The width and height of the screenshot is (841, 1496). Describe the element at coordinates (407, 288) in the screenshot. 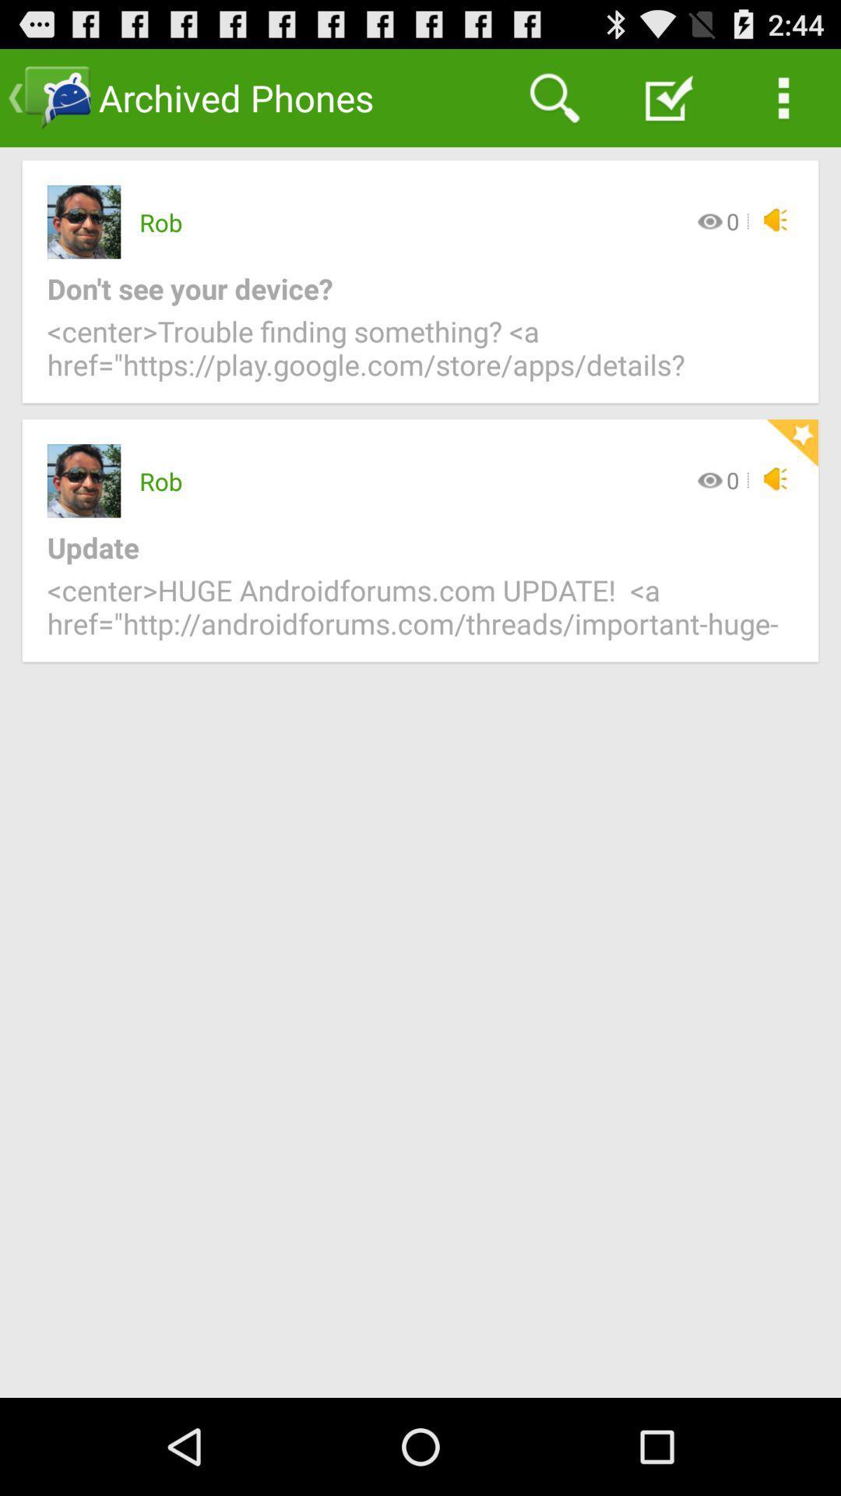

I see `don t see icon` at that location.